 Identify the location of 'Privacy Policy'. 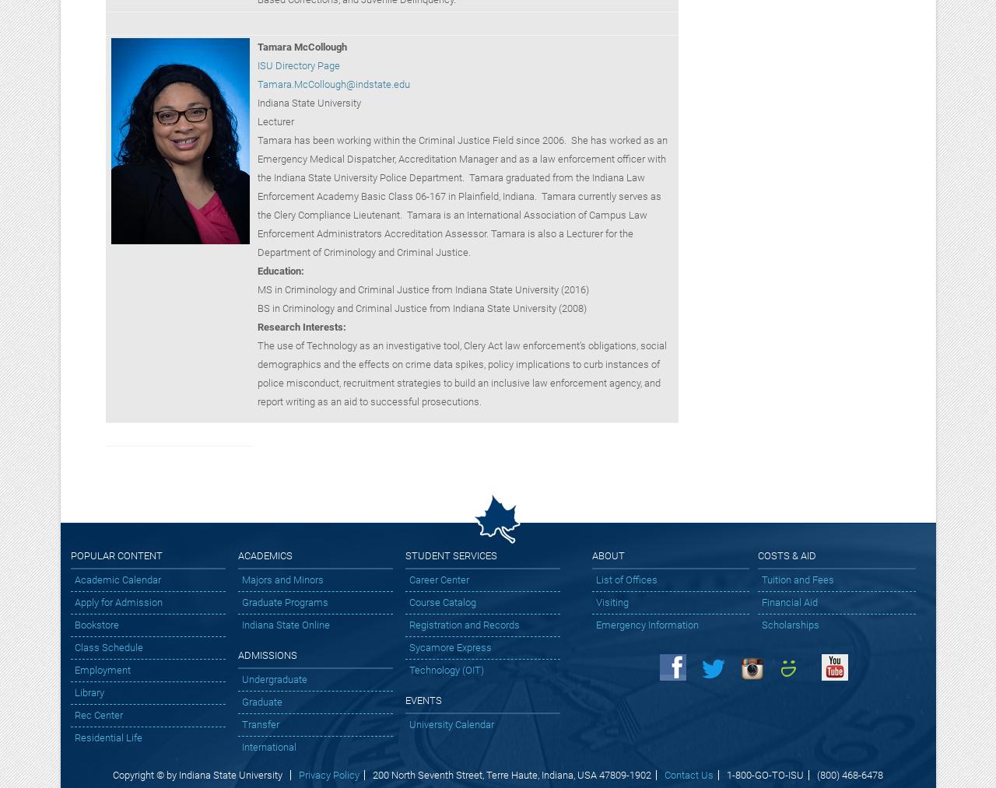
(328, 775).